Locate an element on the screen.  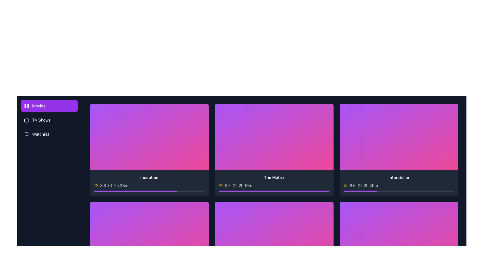
the Icon element indicating the movie's rating score, located to the left of the text '8.8' in the top row of the grid layout for the 'Inception' item is located at coordinates (96, 185).